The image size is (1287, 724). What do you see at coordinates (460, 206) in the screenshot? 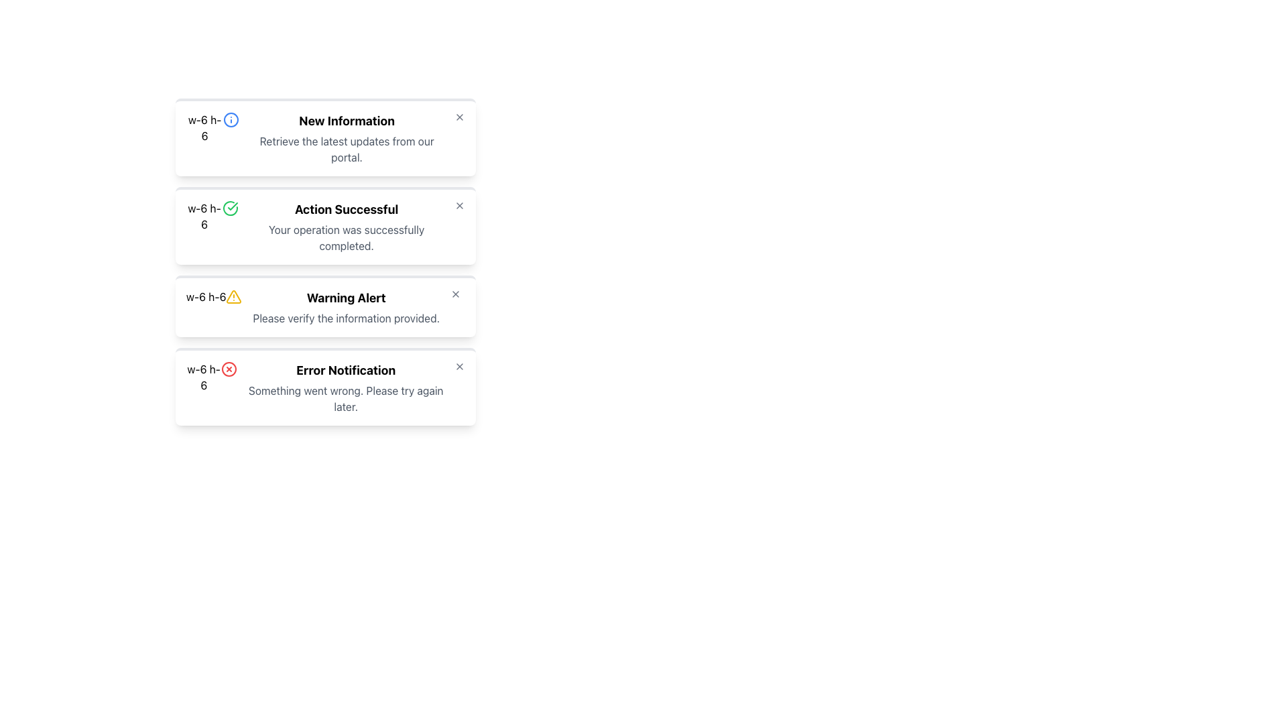
I see `the dismiss button located on the right edge of the 'Action Successful' notification banner` at bounding box center [460, 206].